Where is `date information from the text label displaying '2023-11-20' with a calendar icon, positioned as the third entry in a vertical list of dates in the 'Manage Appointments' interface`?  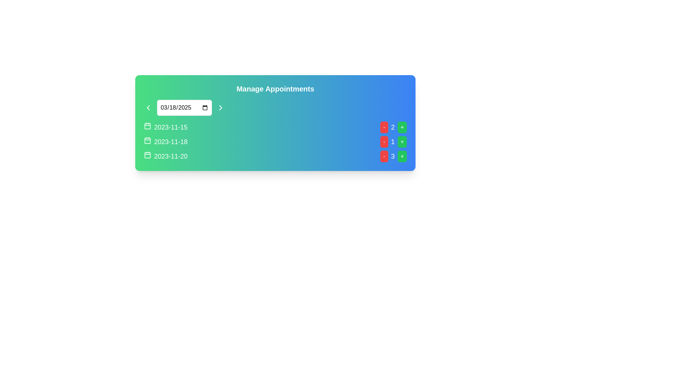
date information from the text label displaying '2023-11-20' with a calendar icon, positioned as the third entry in a vertical list of dates in the 'Manage Appointments' interface is located at coordinates (165, 156).